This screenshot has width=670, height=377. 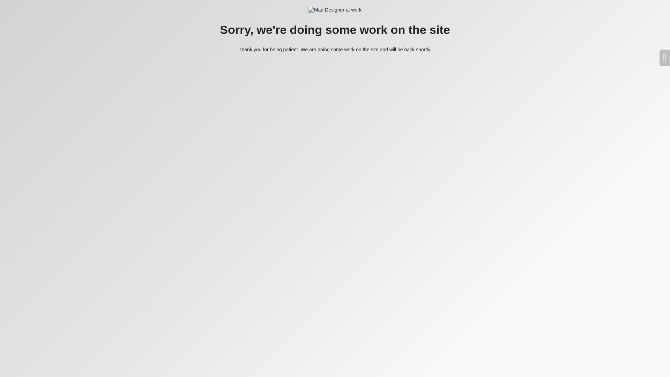 I want to click on 'Mad Designer at work', so click(x=335, y=10).